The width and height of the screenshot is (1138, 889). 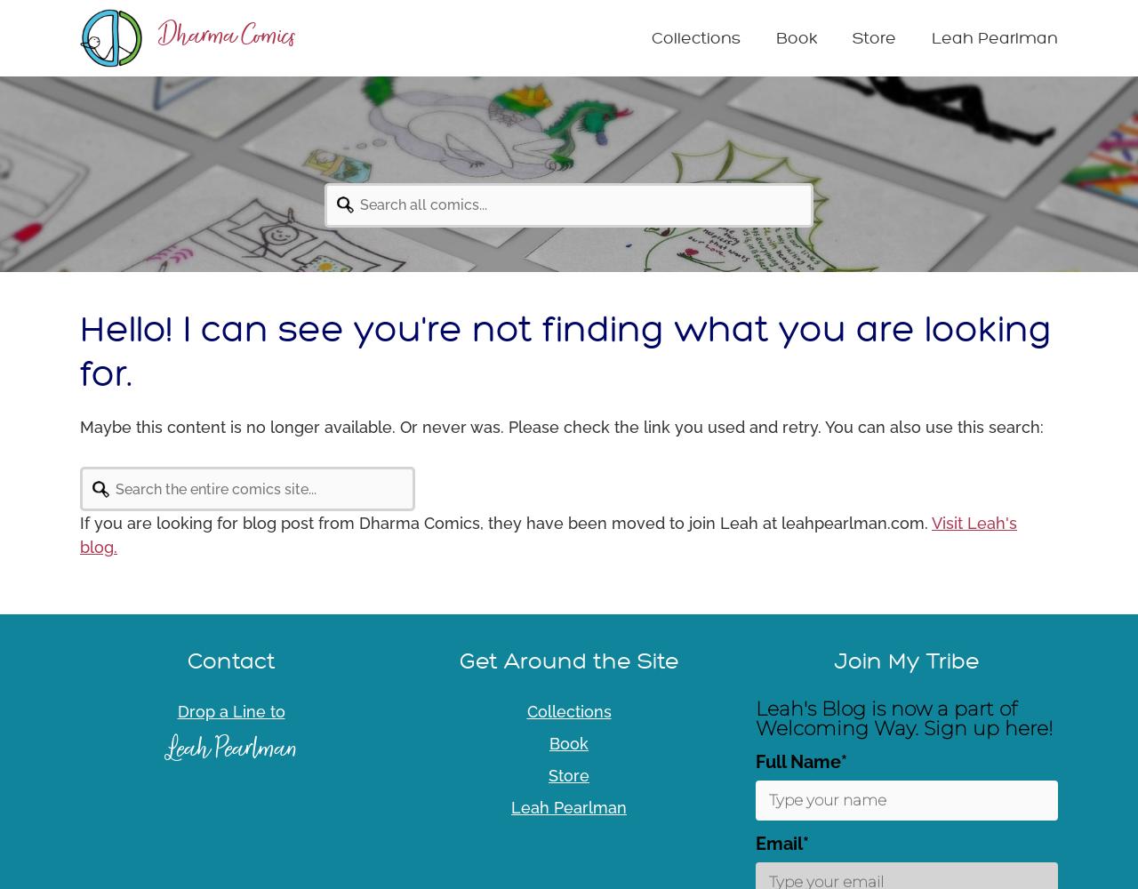 I want to click on 'Maybe this content is no longer available. Or never was. Please check the link you used and retry. You can also use this search:', so click(x=561, y=425).